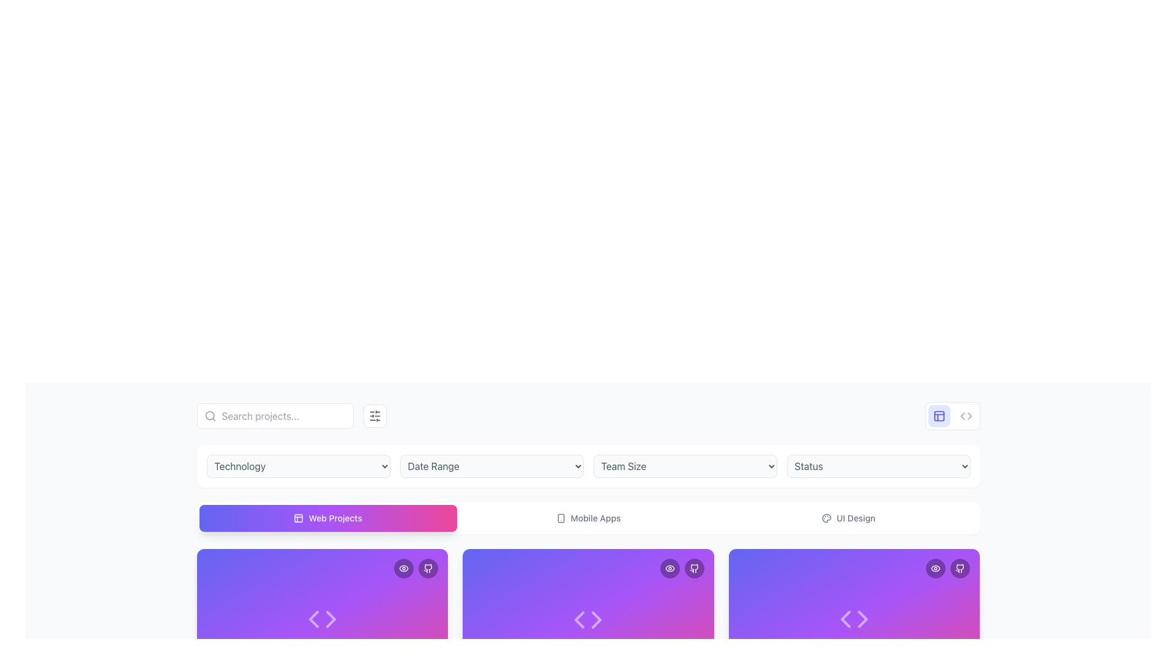  I want to click on the icon button located at the top-right corner of the card in the second row, so click(404, 569).